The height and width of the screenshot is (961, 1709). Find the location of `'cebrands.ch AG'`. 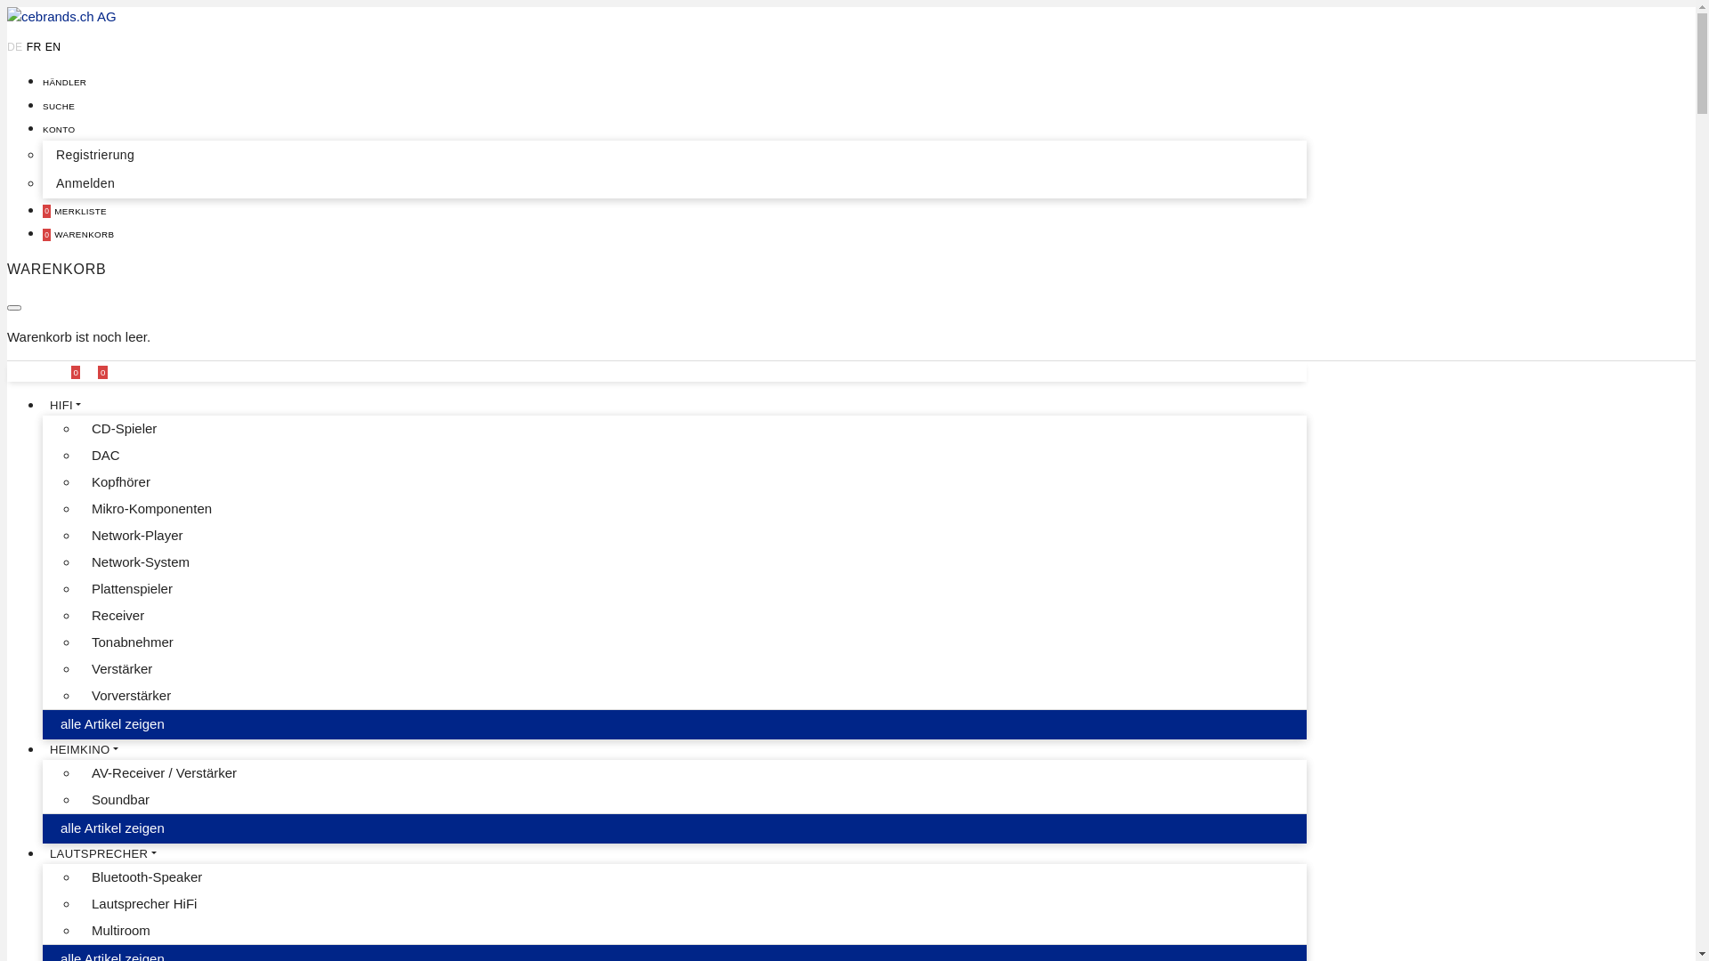

'cebrands.ch AG' is located at coordinates (61, 17).